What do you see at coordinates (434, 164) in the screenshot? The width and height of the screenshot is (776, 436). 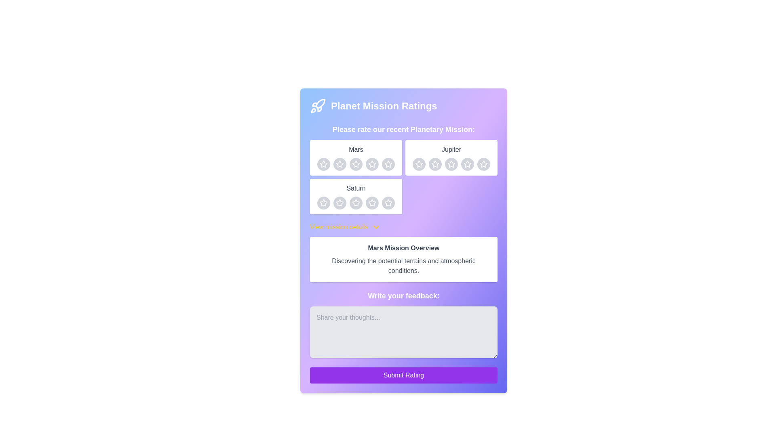 I see `the circular star button with a gray background and white outline located under the heading 'Jupiter' to assign a rating` at bounding box center [434, 164].